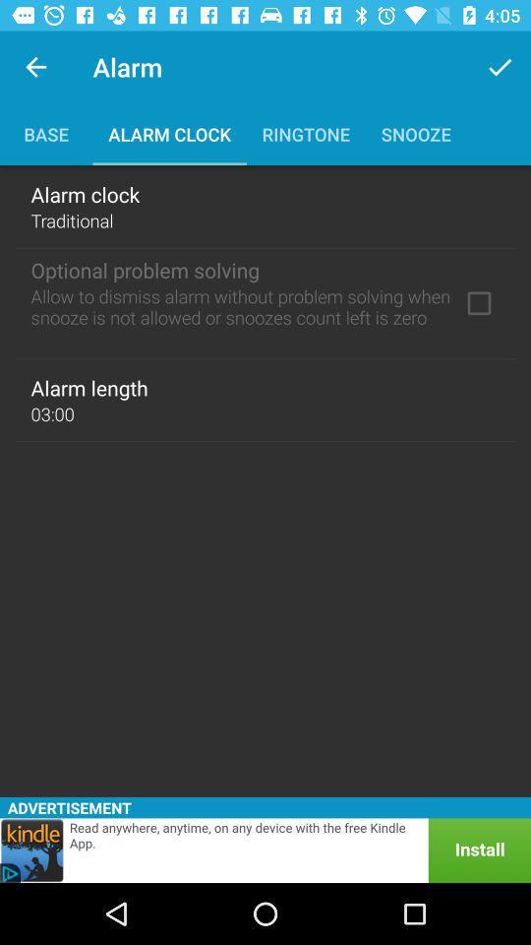  I want to click on app to the left of alarm app, so click(35, 67).